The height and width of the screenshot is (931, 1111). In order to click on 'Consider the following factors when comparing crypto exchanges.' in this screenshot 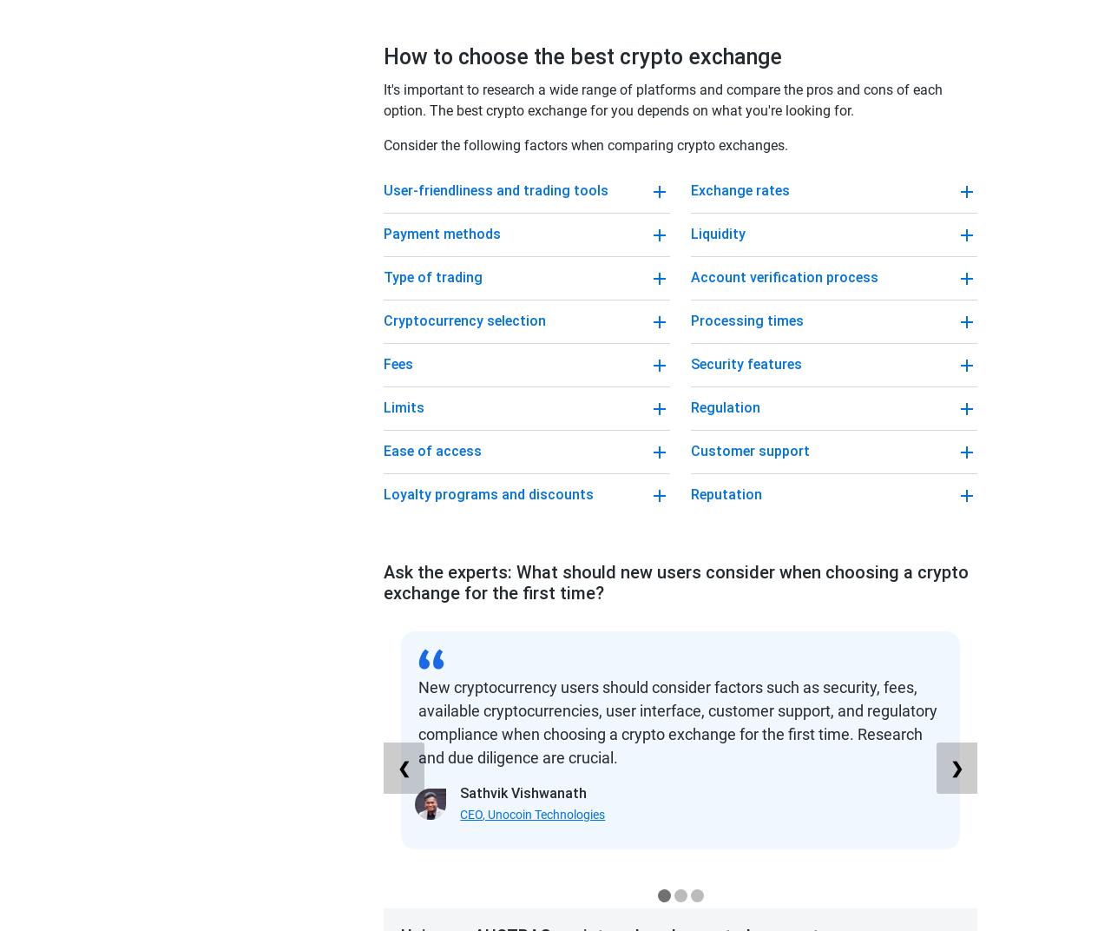, I will do `click(585, 144)`.